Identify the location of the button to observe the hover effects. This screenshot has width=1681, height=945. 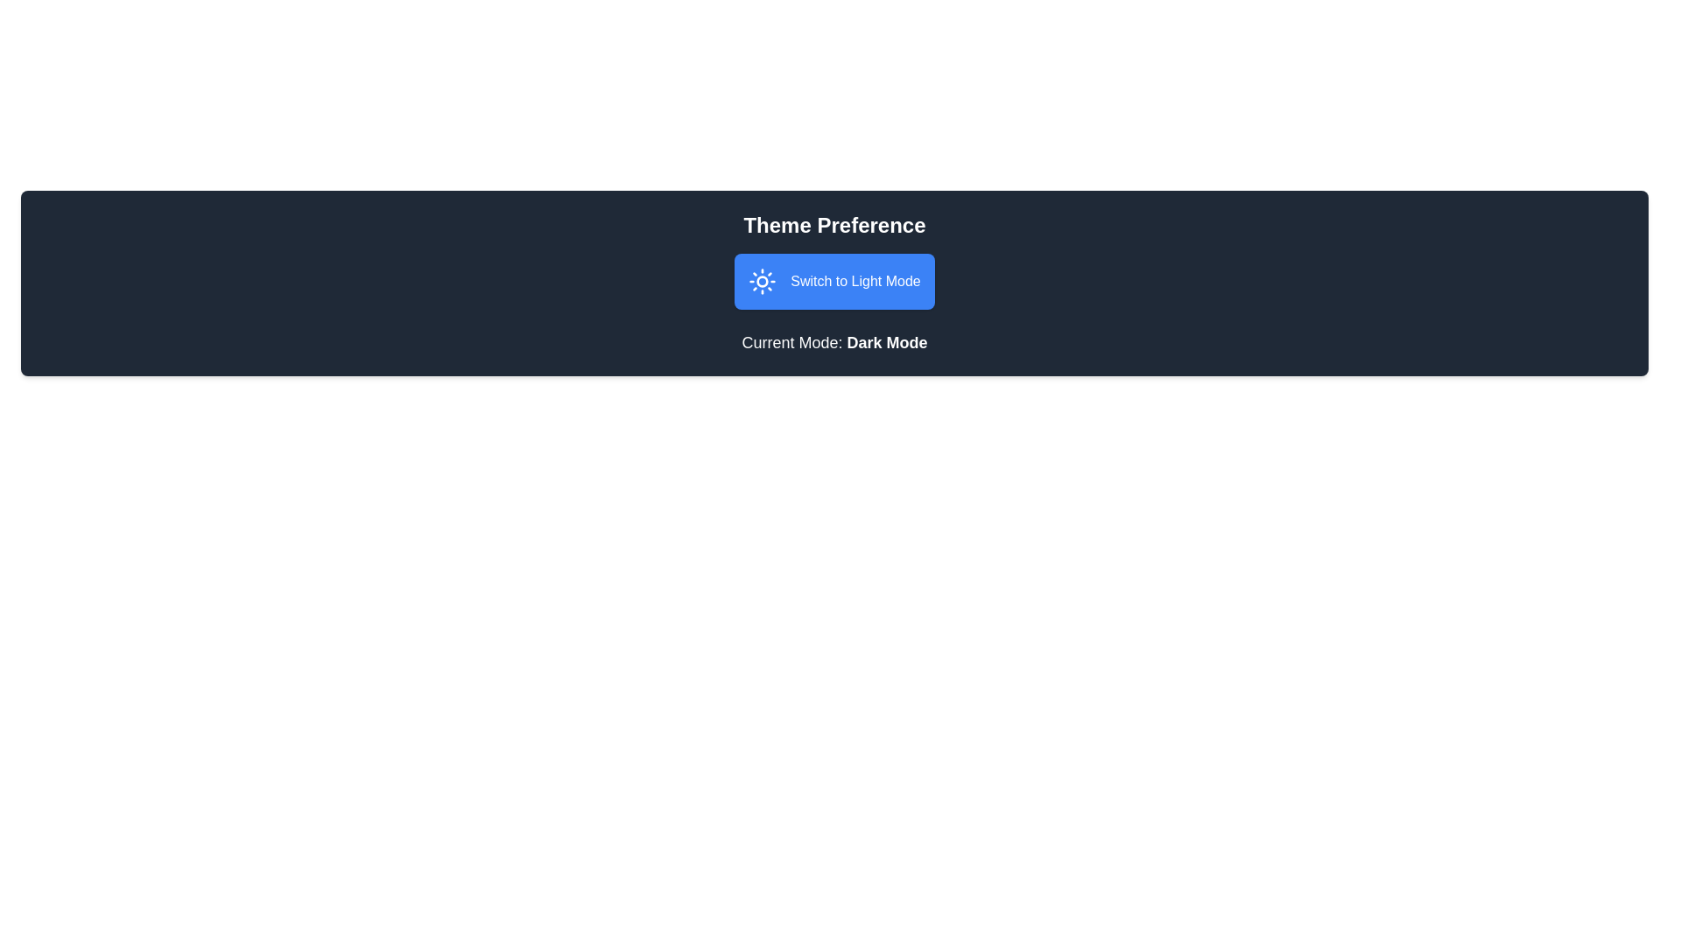
(833, 280).